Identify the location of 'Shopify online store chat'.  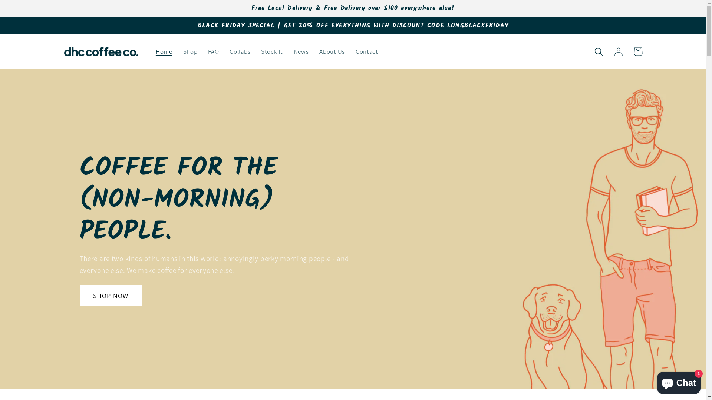
(655, 381).